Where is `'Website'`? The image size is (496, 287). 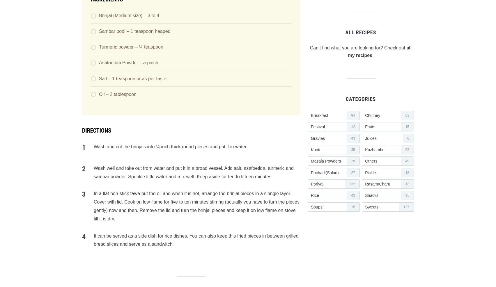 'Website' is located at coordinates (82, 161).